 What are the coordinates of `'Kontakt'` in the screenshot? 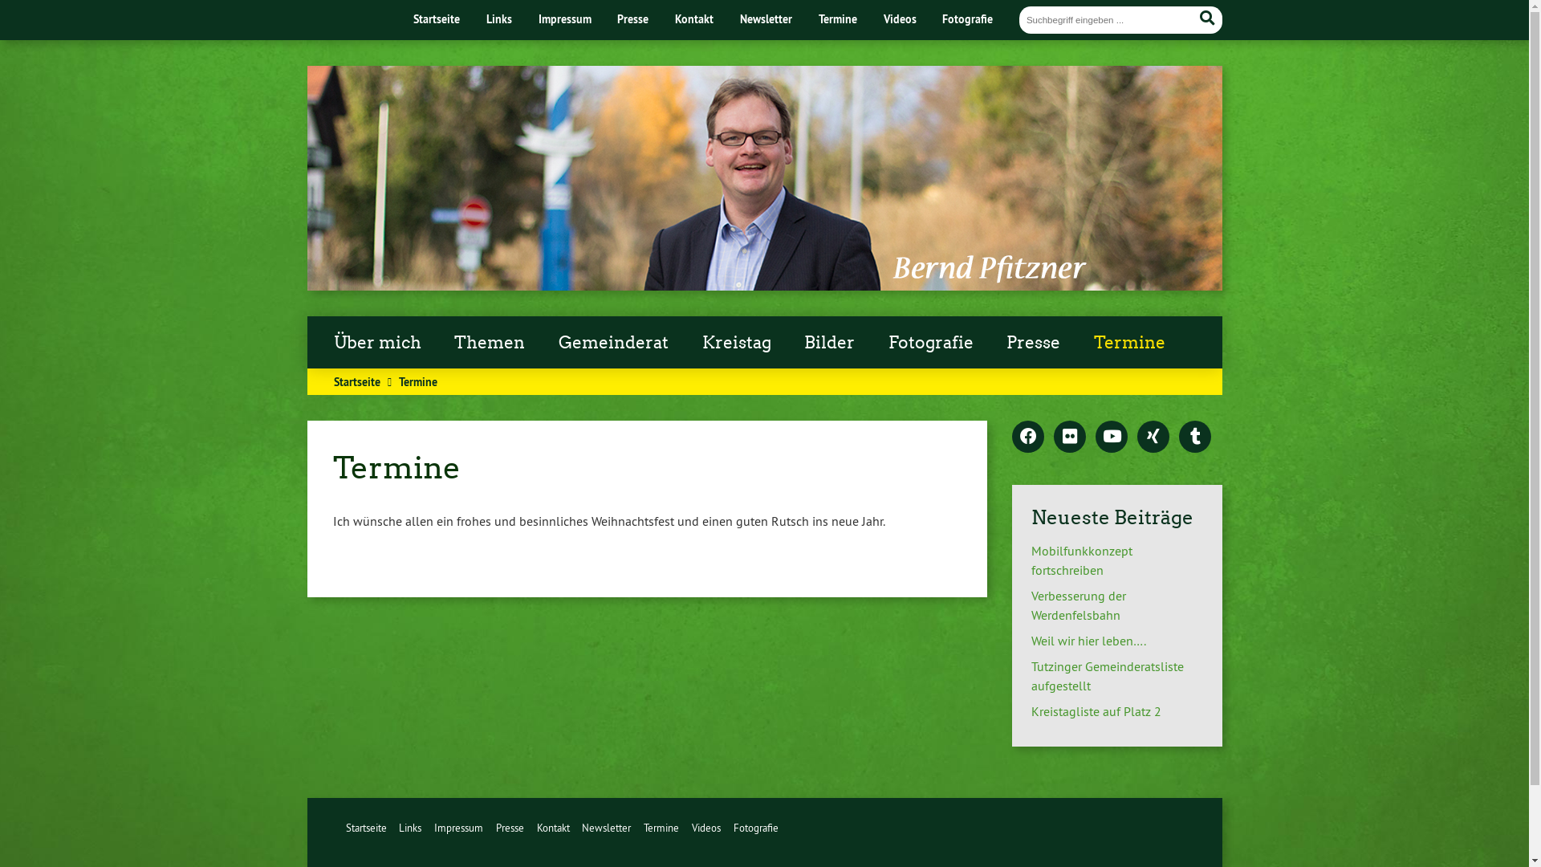 It's located at (553, 827).